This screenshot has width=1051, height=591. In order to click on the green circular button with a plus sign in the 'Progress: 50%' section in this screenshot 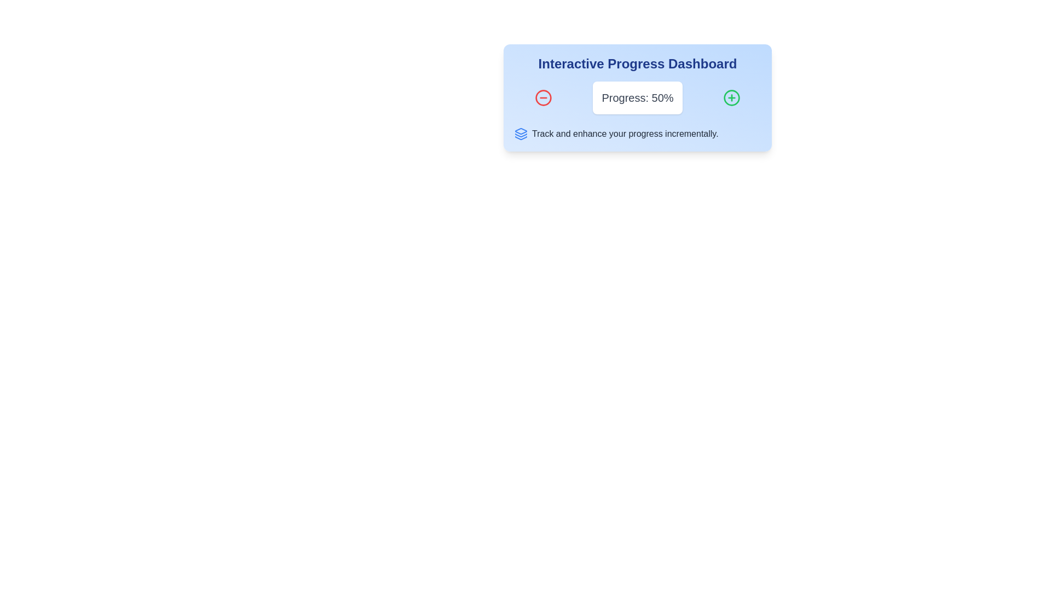, I will do `click(731, 97)`.